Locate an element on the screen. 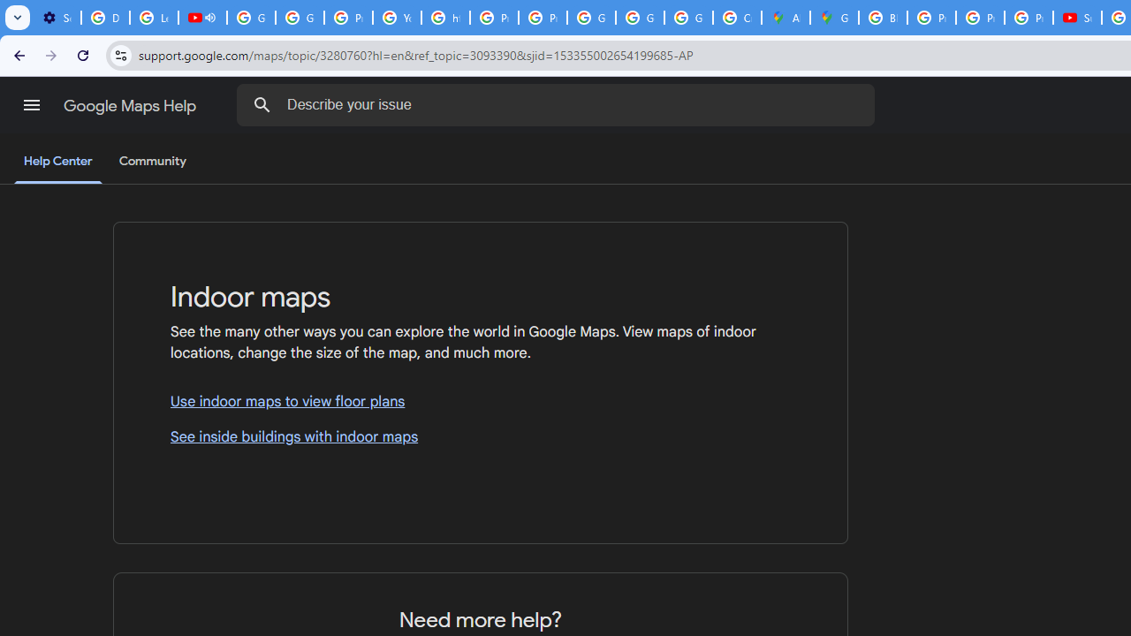  'Learn how to find your photos - Google Photos Help' is located at coordinates (154, 18).